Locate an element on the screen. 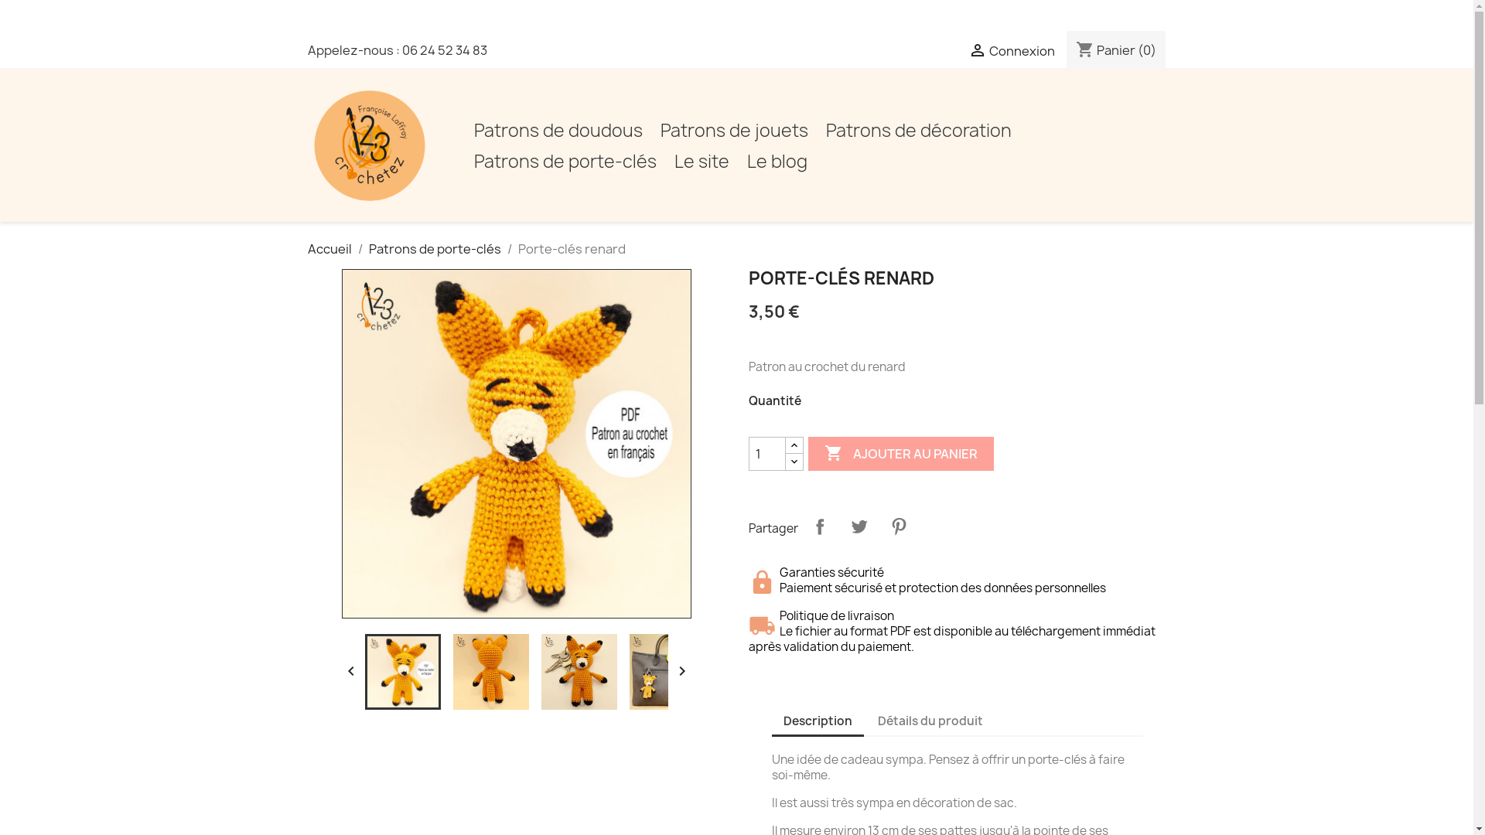 The height and width of the screenshot is (835, 1485). 'Le blog' is located at coordinates (777, 161).